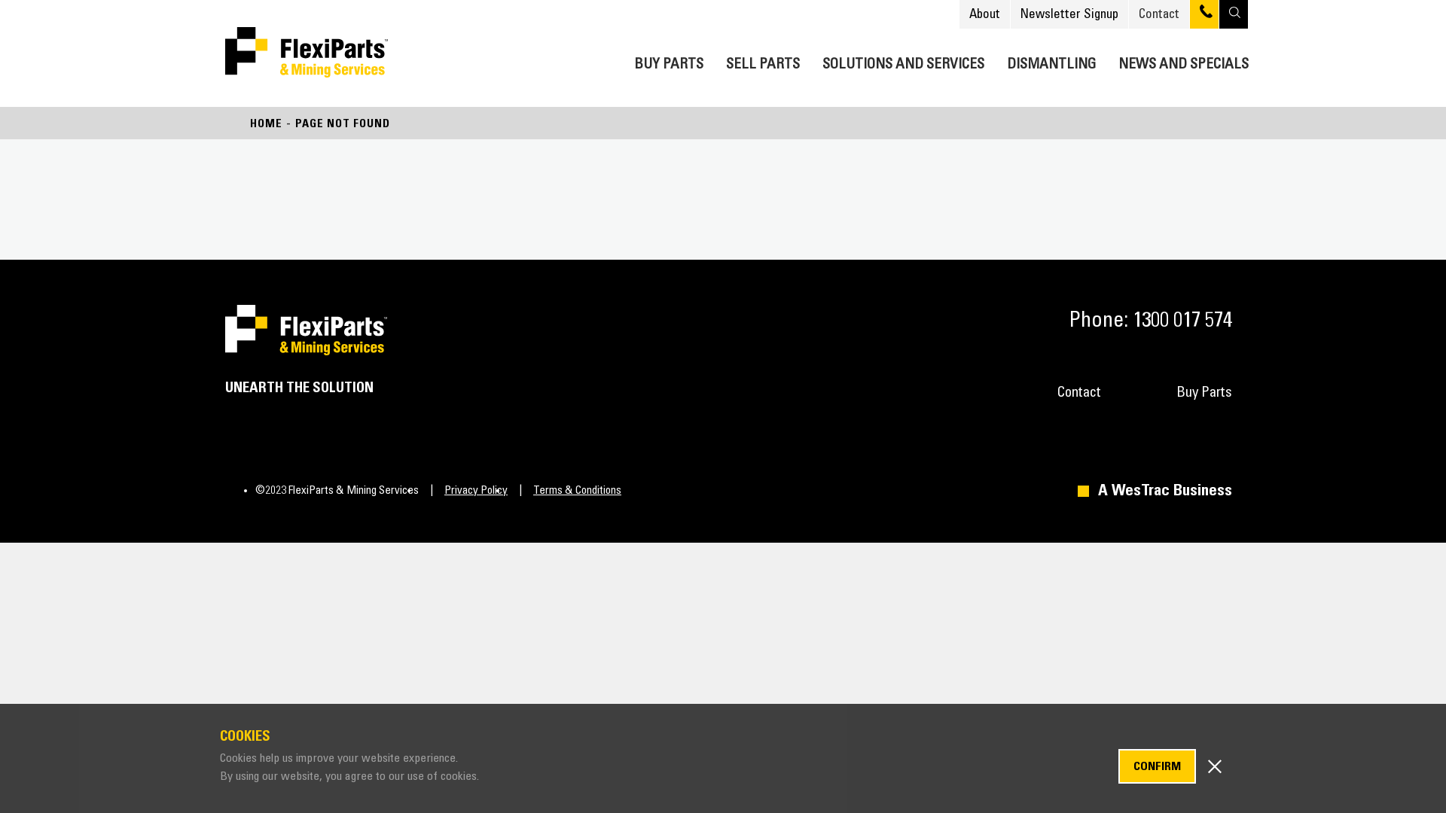 This screenshot has height=813, width=1446. What do you see at coordinates (762, 60) in the screenshot?
I see `'SELL PARTS'` at bounding box center [762, 60].